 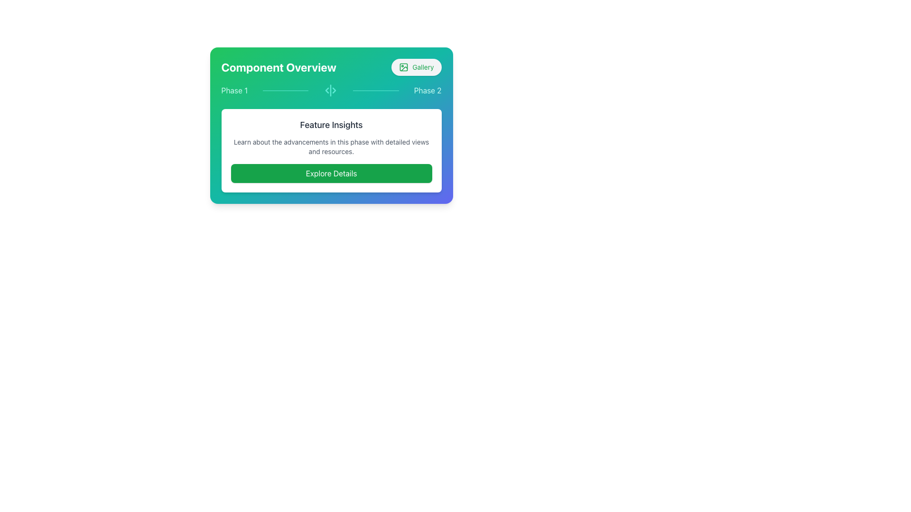 What do you see at coordinates (331, 174) in the screenshot?
I see `the green 'Explore Details' button to activate its hover effect, which is the third button in the 'Feature Insights' section` at bounding box center [331, 174].